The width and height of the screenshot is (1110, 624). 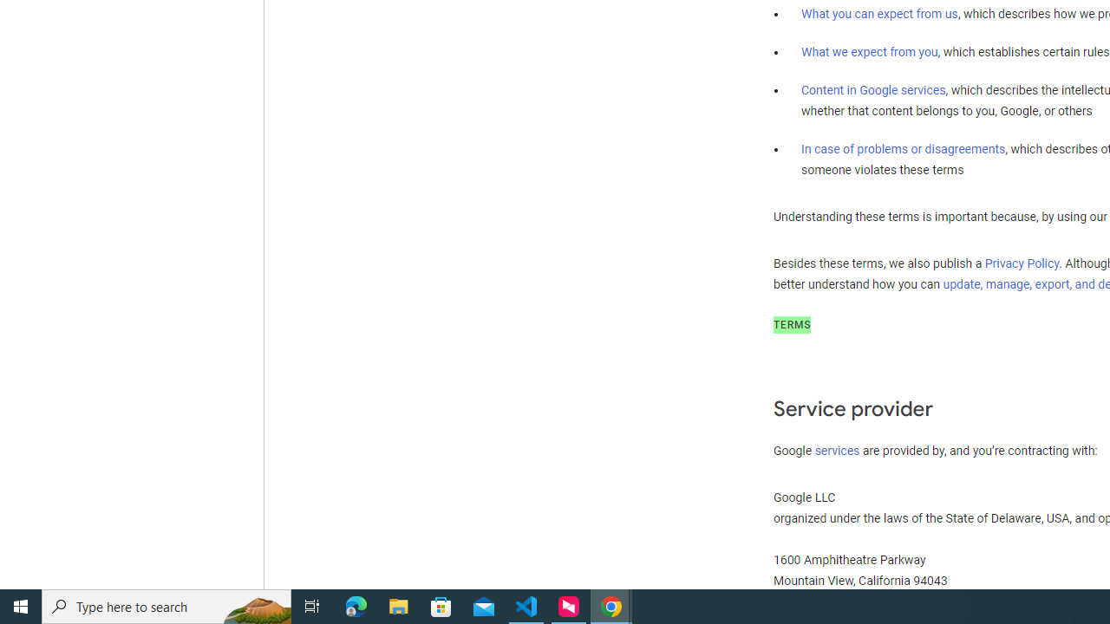 I want to click on 'In case of problems or disagreements', so click(x=902, y=147).